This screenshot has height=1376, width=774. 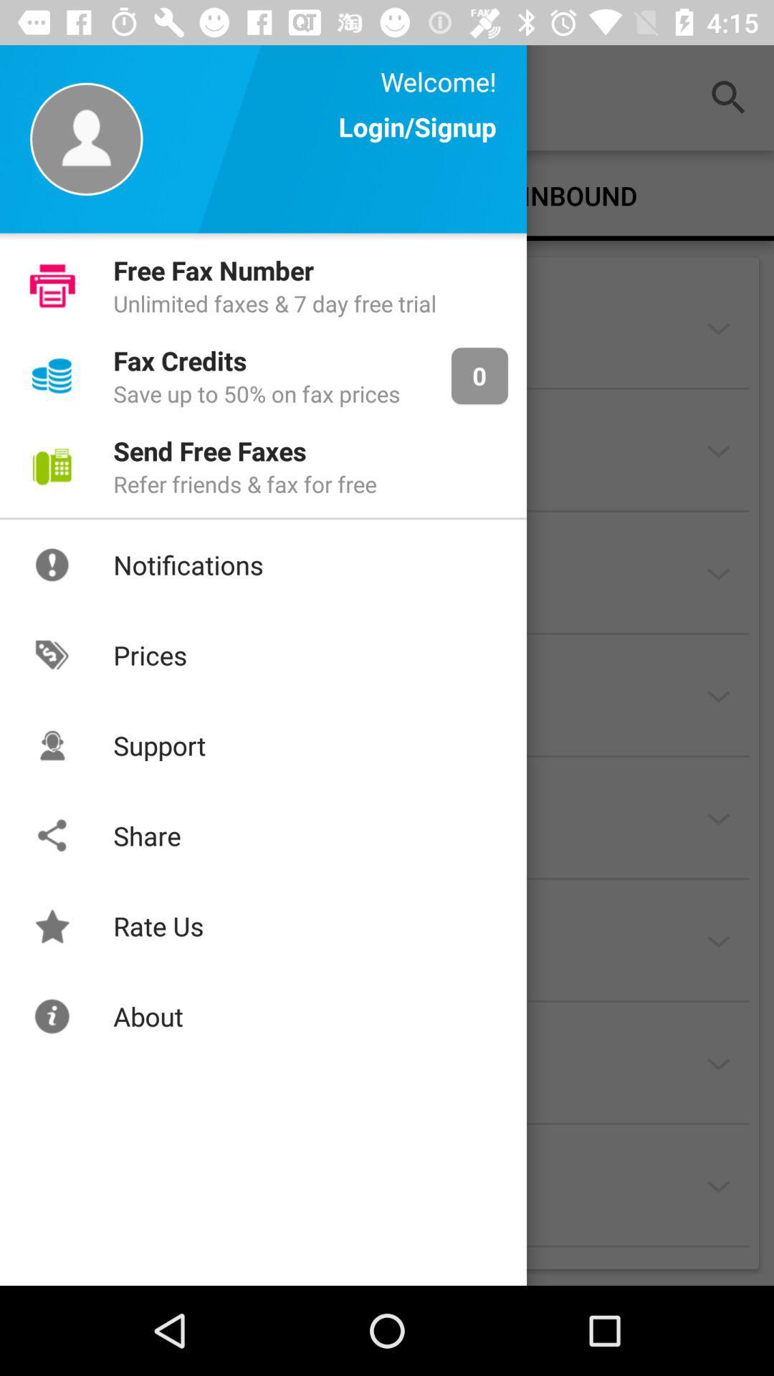 I want to click on loginsignup, so click(x=417, y=140).